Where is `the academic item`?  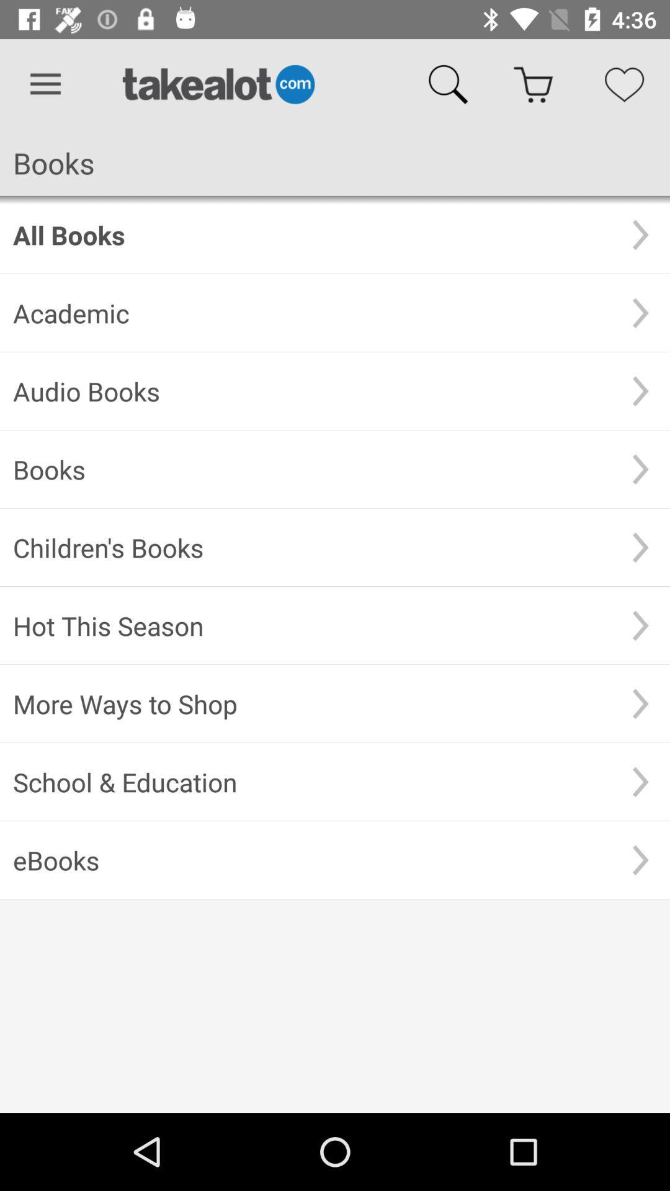 the academic item is located at coordinates (311, 313).